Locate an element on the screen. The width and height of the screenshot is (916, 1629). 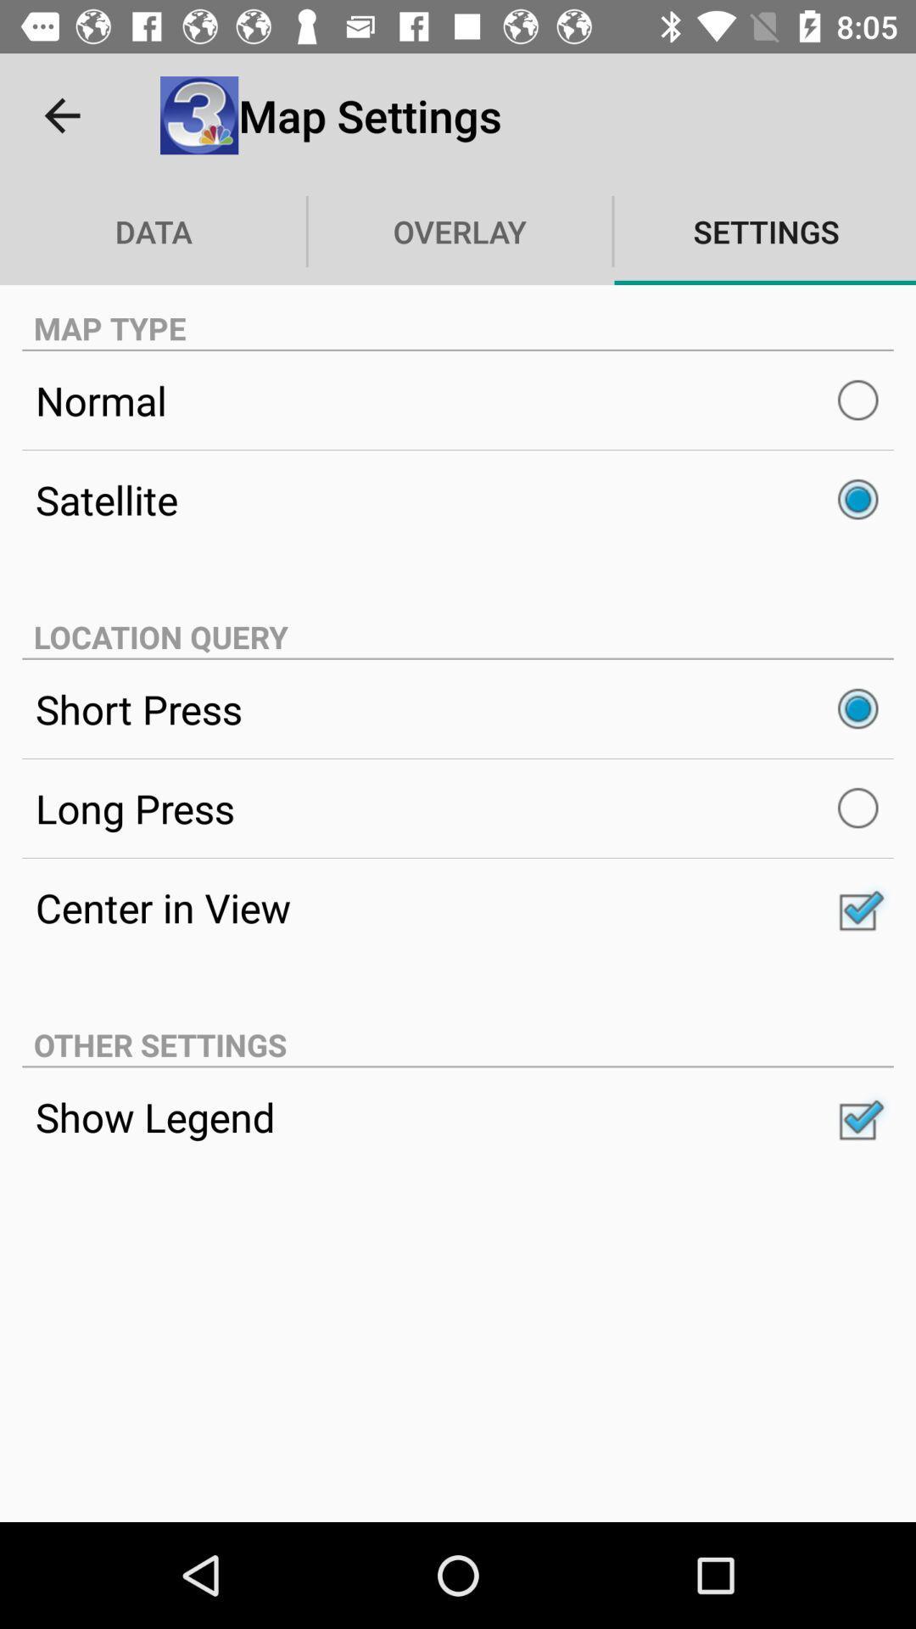
the short press is located at coordinates (458, 708).